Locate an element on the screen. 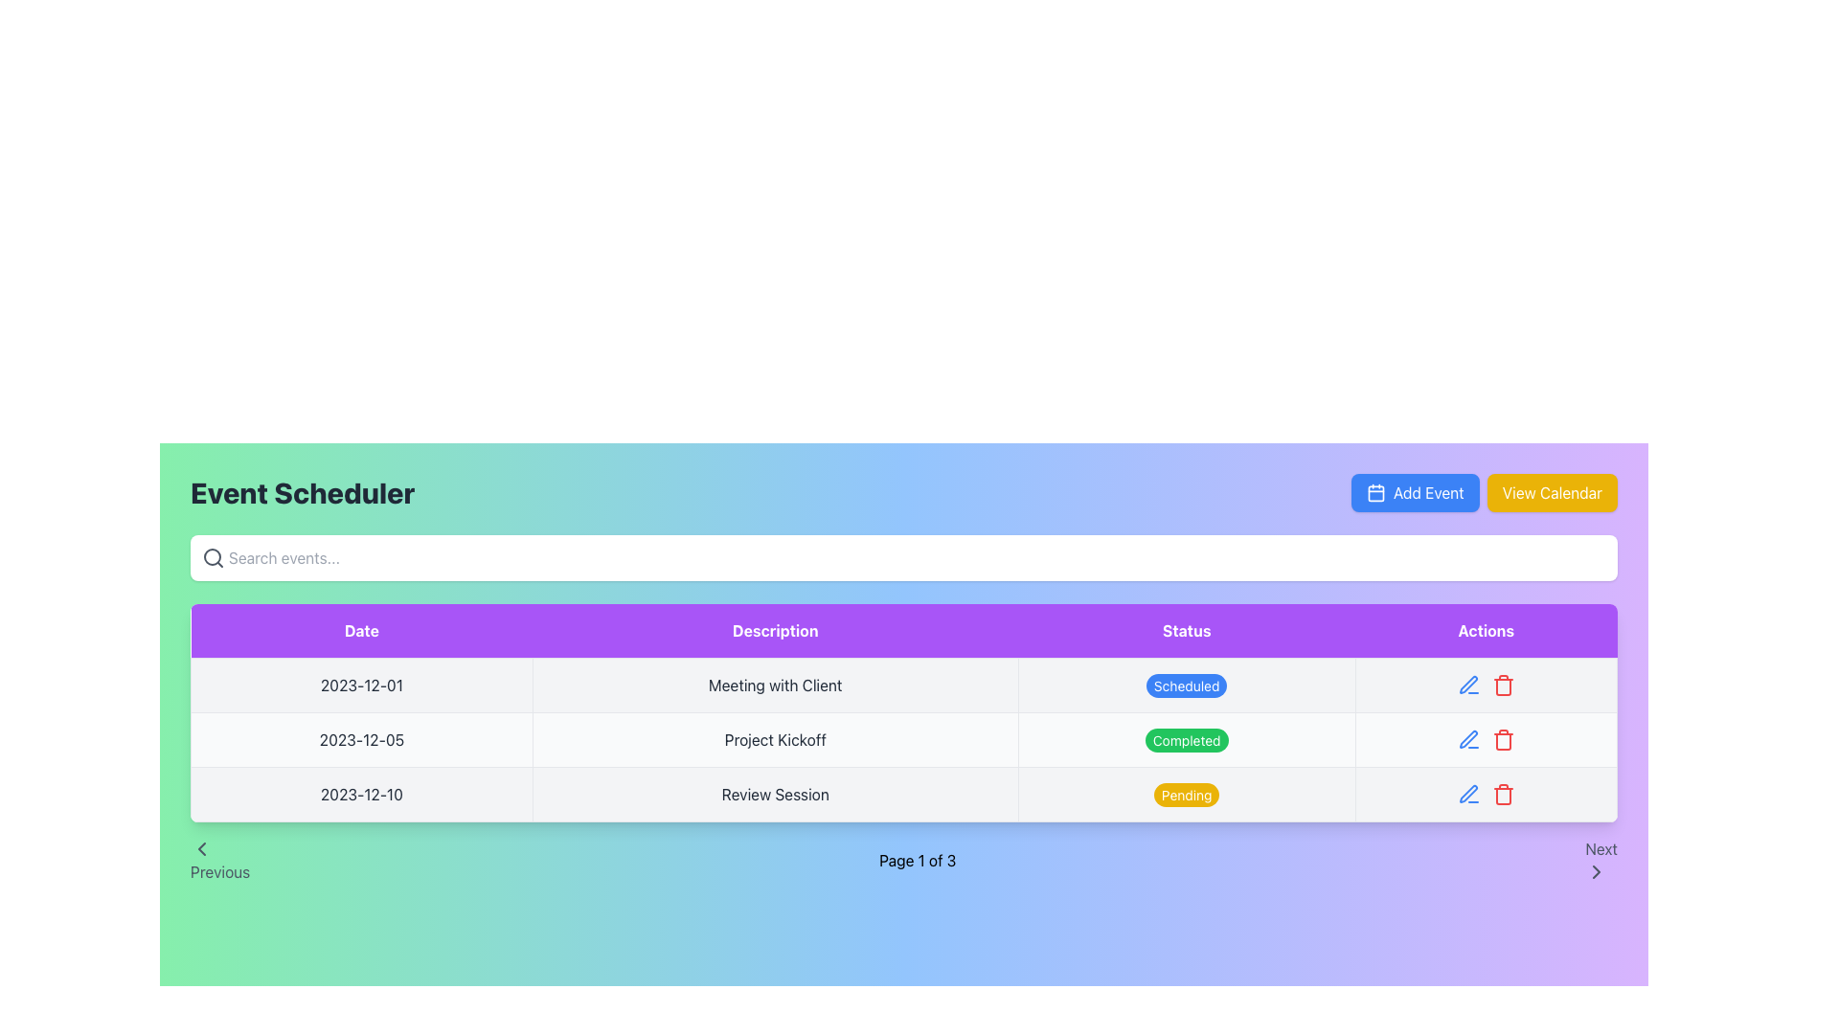 The image size is (1839, 1034). the 'Previous' button located at the bottom-left corner of the pagination controls is located at coordinates (220, 859).